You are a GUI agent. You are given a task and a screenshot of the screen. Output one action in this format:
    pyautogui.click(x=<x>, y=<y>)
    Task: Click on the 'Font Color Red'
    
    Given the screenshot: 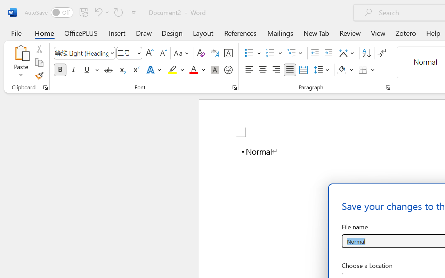 What is the action you would take?
    pyautogui.click(x=193, y=70)
    